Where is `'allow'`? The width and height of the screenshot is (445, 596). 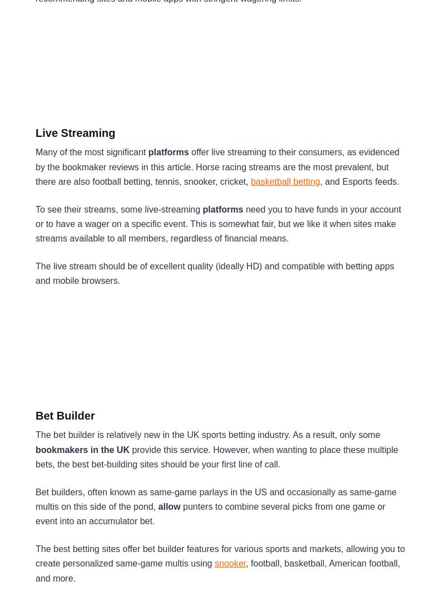
'allow' is located at coordinates (170, 506).